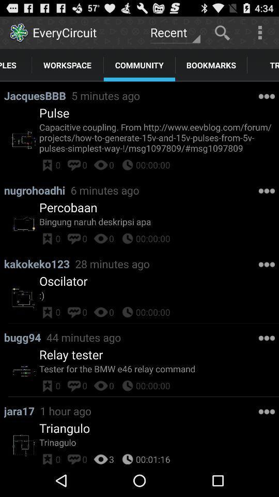  What do you see at coordinates (65, 428) in the screenshot?
I see `icon above trinagulo icon` at bounding box center [65, 428].